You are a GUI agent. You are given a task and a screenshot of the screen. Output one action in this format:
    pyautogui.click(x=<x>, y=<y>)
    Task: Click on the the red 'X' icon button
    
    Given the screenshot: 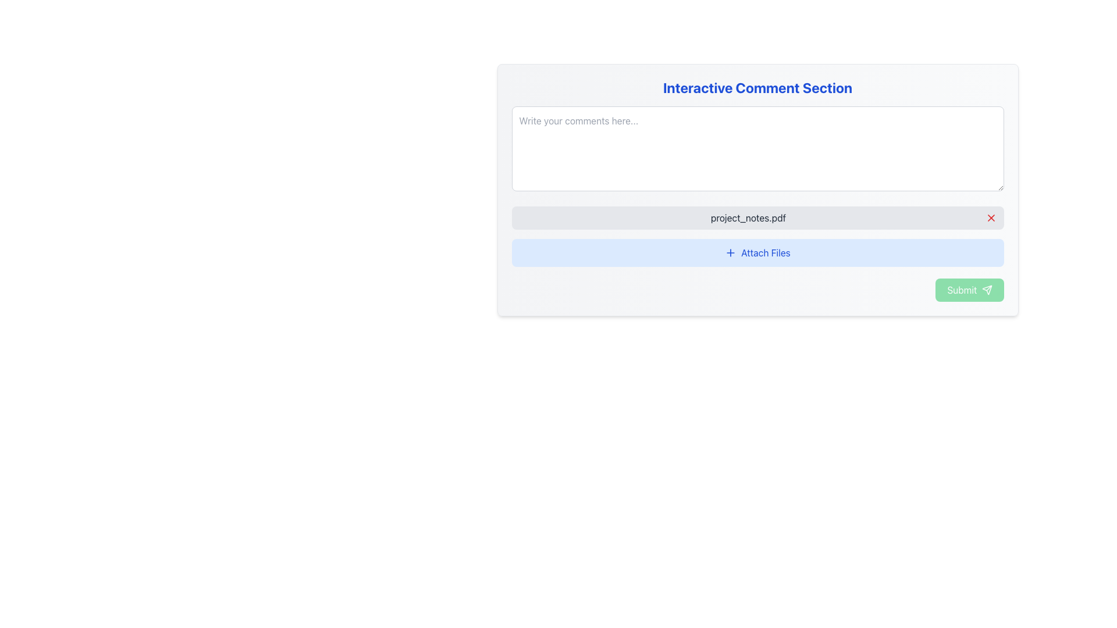 What is the action you would take?
    pyautogui.click(x=990, y=217)
    